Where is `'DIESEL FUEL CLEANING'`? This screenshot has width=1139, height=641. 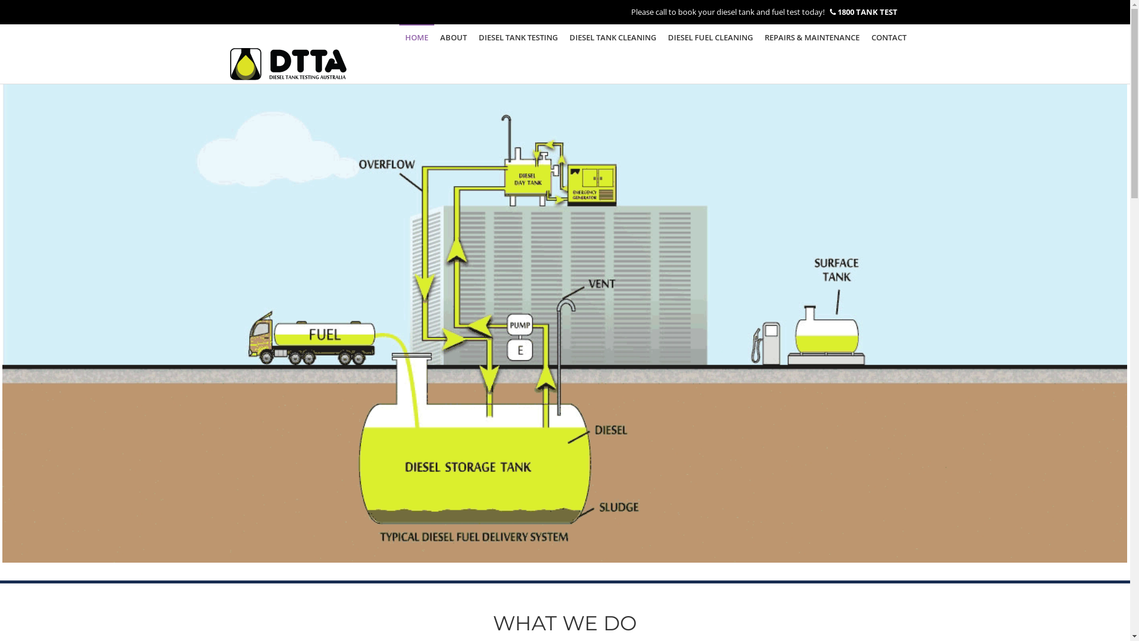 'DIESEL FUEL CLEANING' is located at coordinates (710, 36).